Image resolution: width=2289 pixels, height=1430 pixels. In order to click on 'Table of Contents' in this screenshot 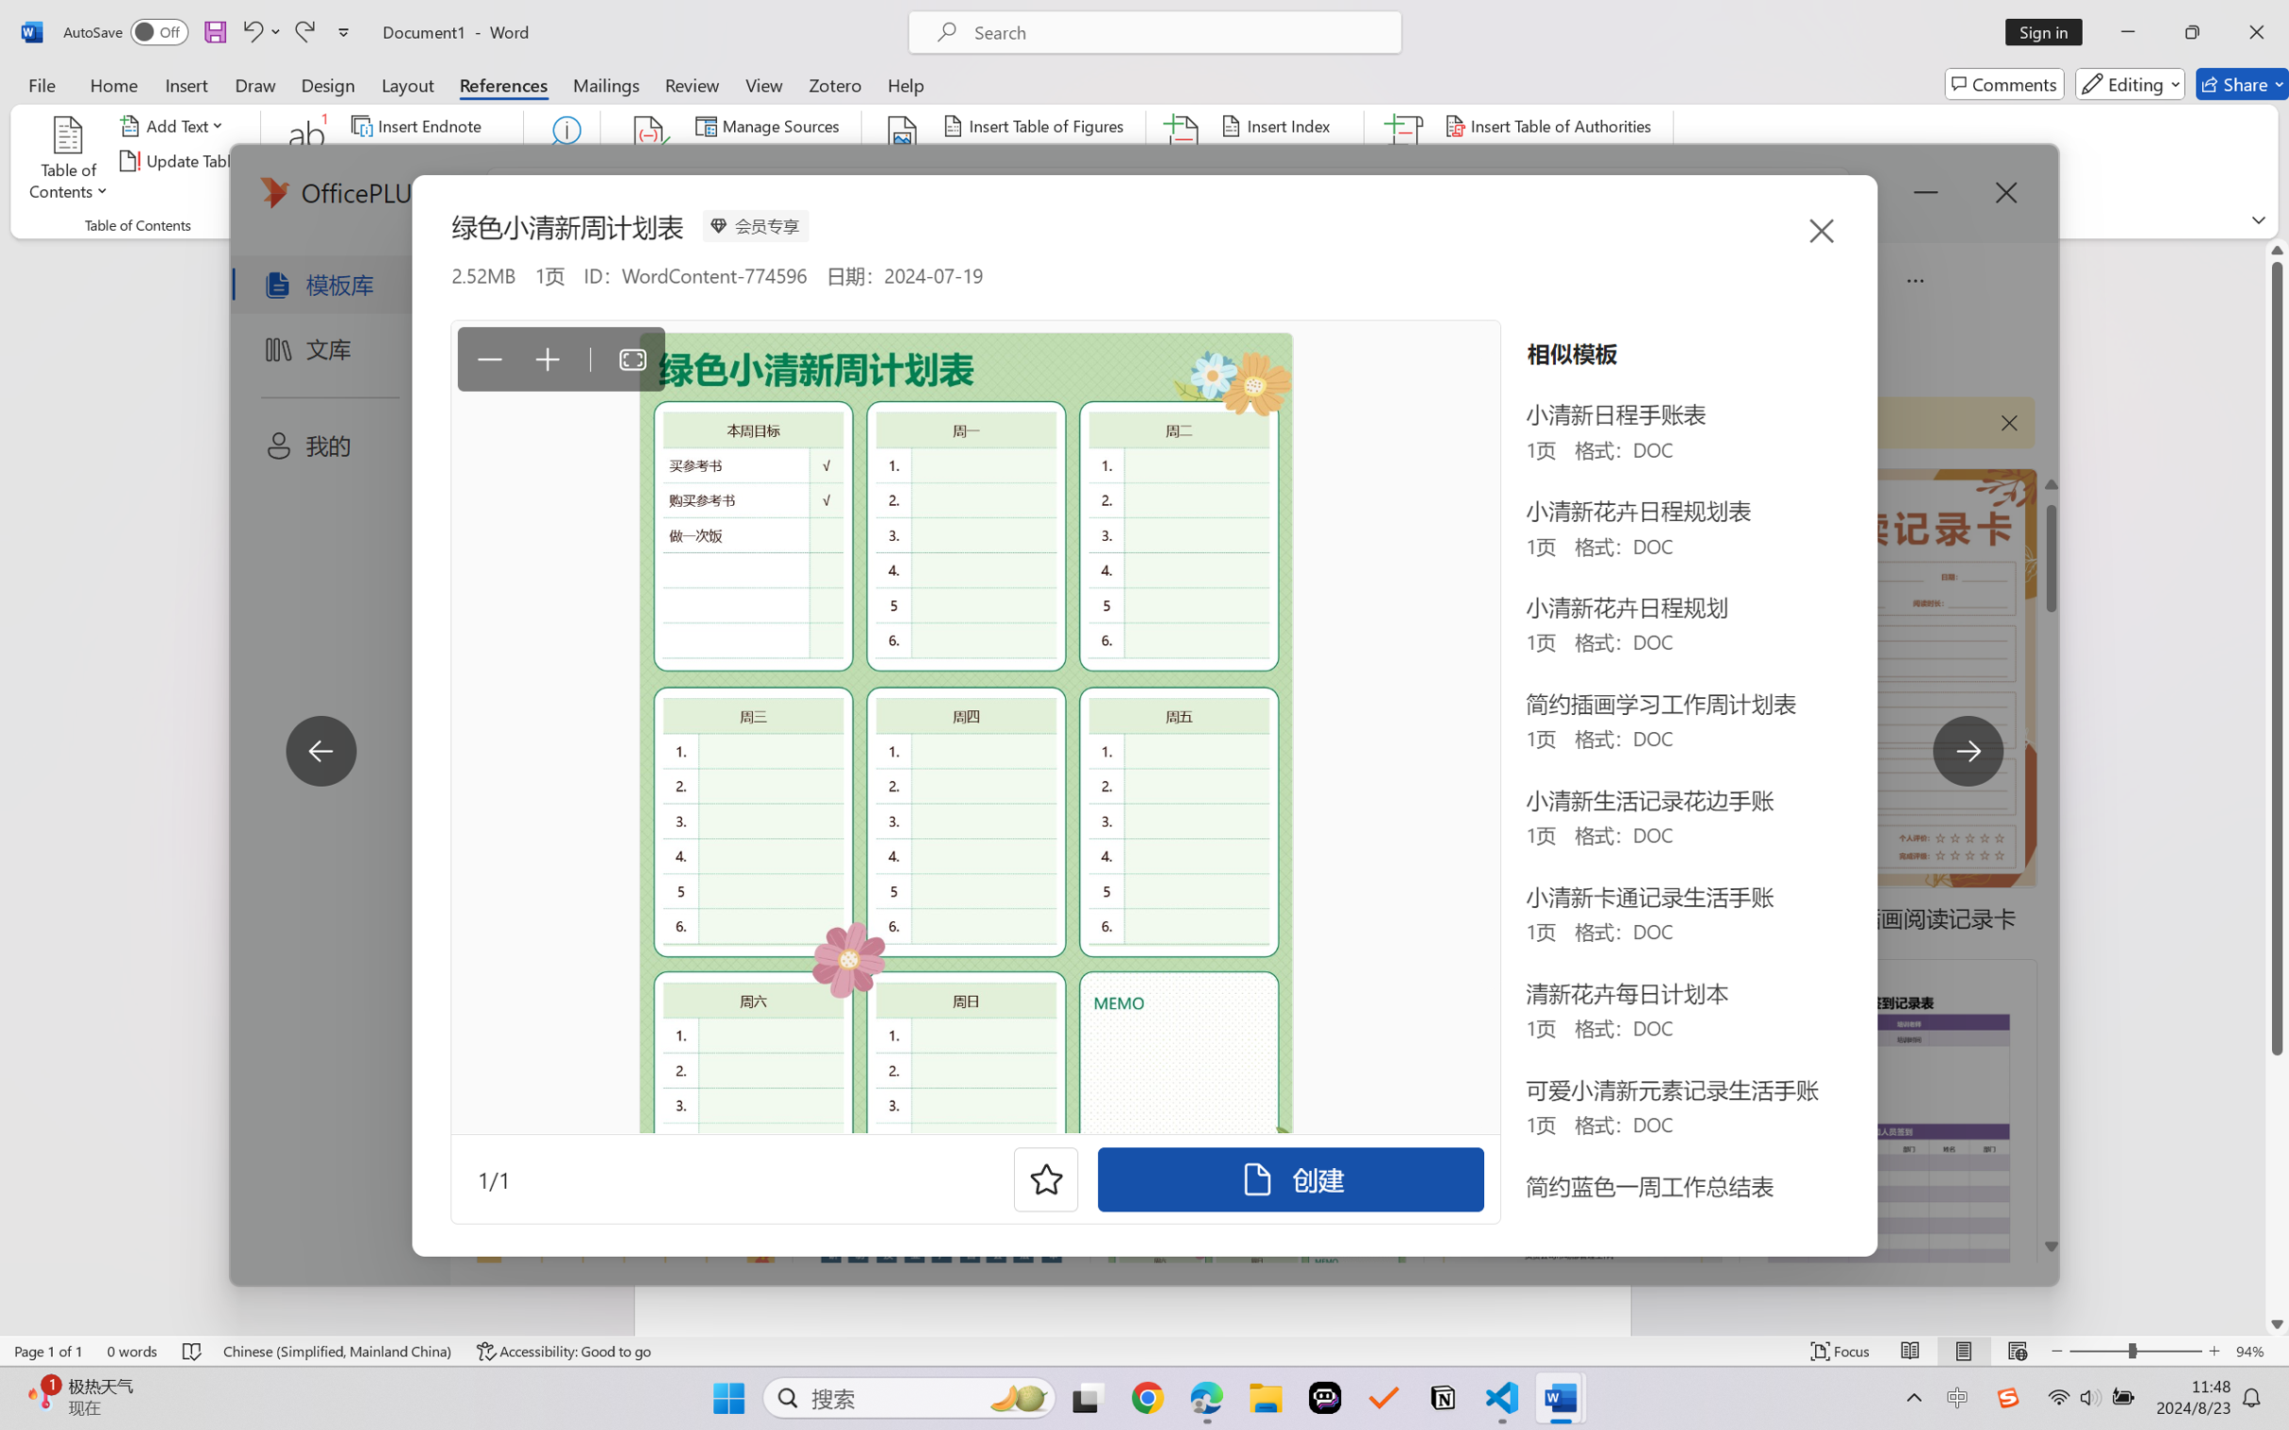, I will do `click(69, 161)`.